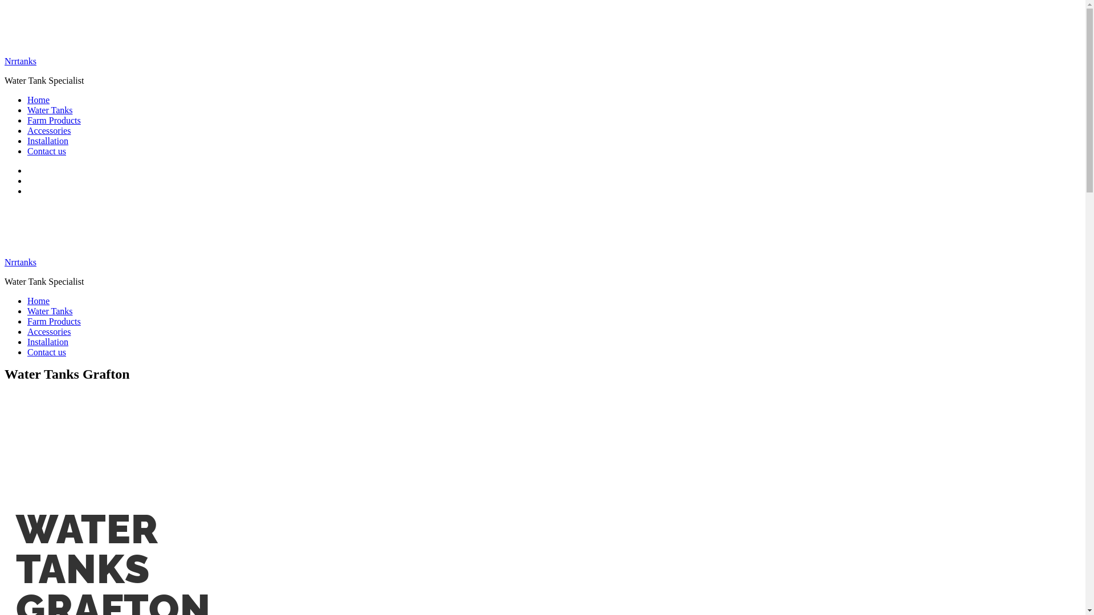 The width and height of the screenshot is (1094, 615). I want to click on 'Water Tanks', so click(49, 311).